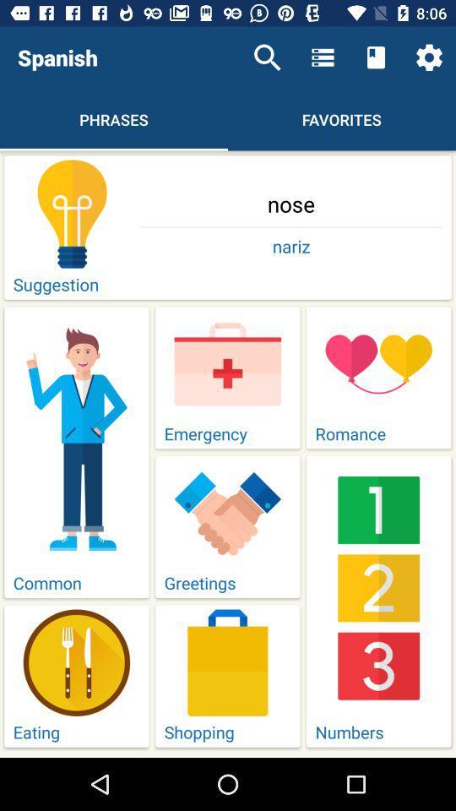  I want to click on the item above nose icon, so click(429, 57).